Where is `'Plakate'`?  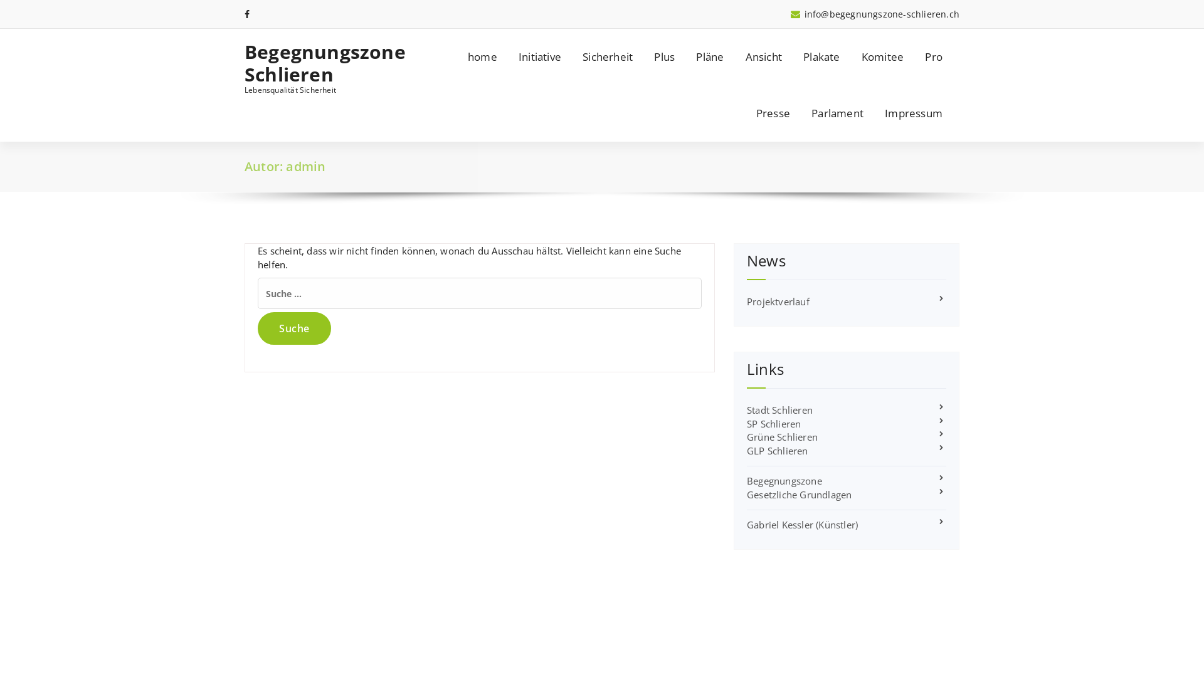 'Plakate' is located at coordinates (821, 57).